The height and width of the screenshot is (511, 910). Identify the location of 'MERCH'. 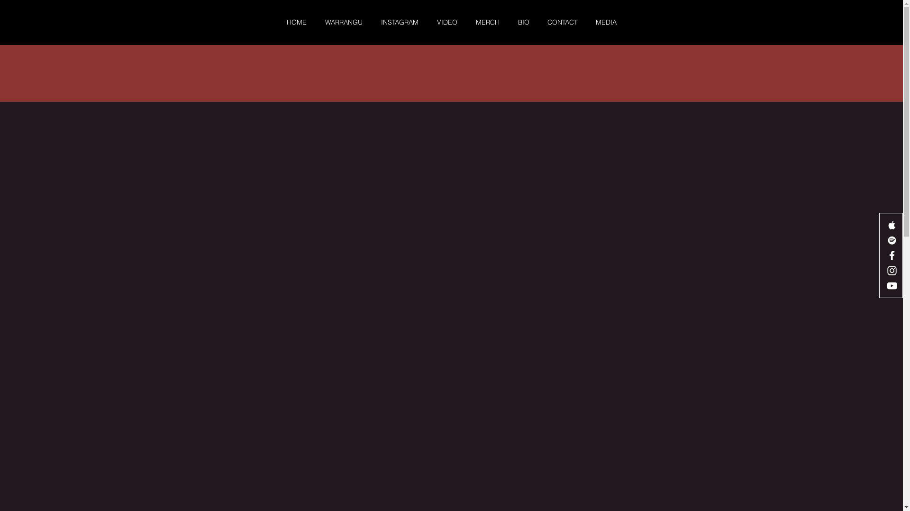
(487, 22).